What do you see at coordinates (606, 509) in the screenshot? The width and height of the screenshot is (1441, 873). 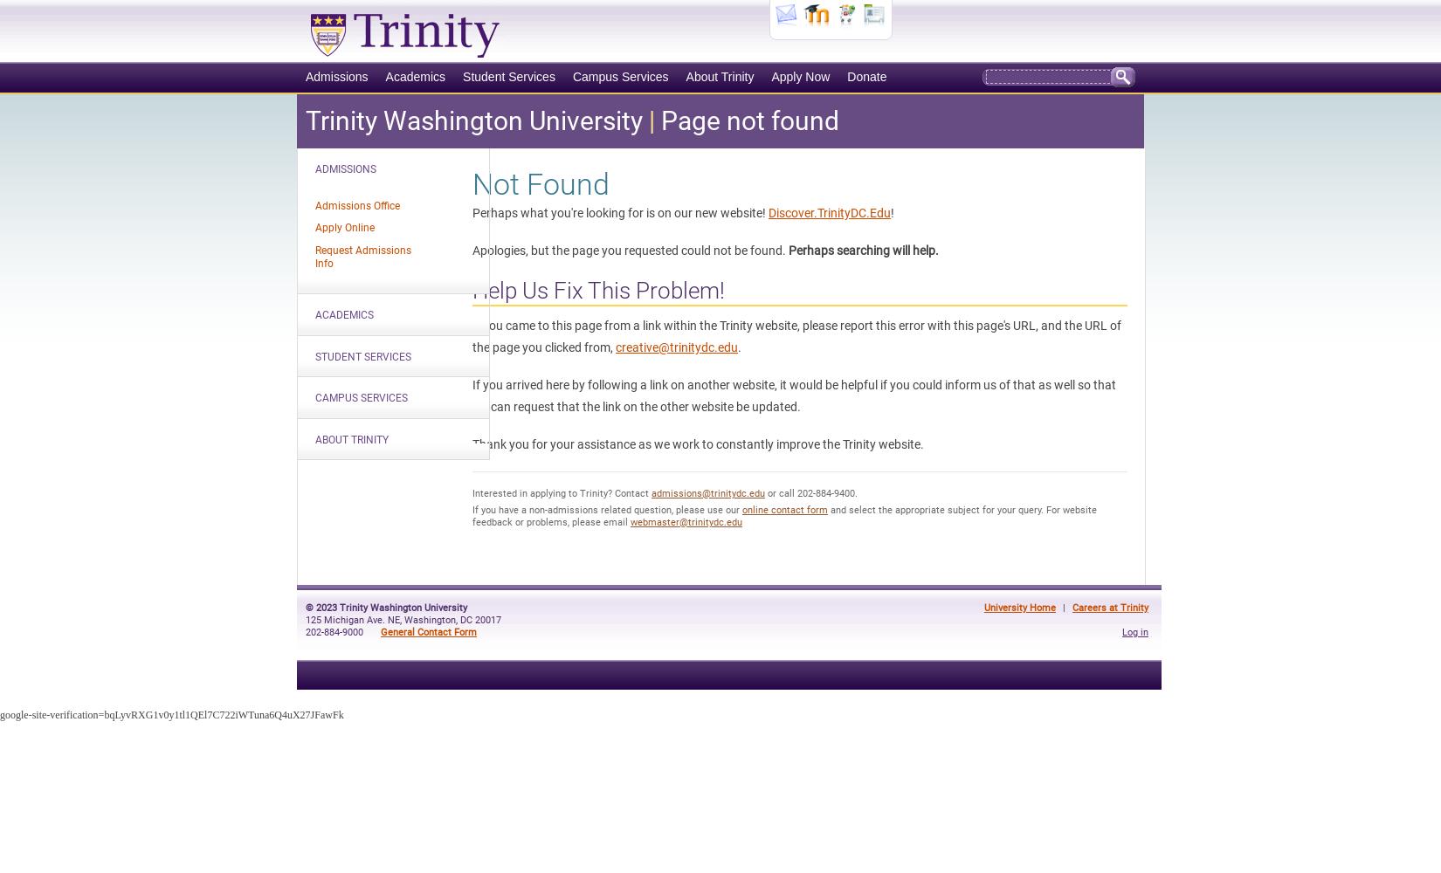 I see `'If you have a non-admissions related question, please use our'` at bounding box center [606, 509].